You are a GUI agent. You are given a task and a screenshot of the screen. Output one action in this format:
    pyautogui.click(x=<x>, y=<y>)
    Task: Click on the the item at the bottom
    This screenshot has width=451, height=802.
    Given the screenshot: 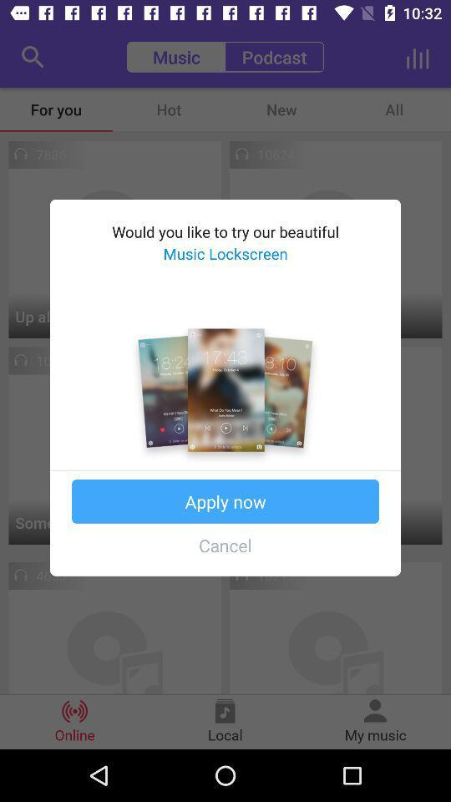 What is the action you would take?
    pyautogui.click(x=225, y=544)
    